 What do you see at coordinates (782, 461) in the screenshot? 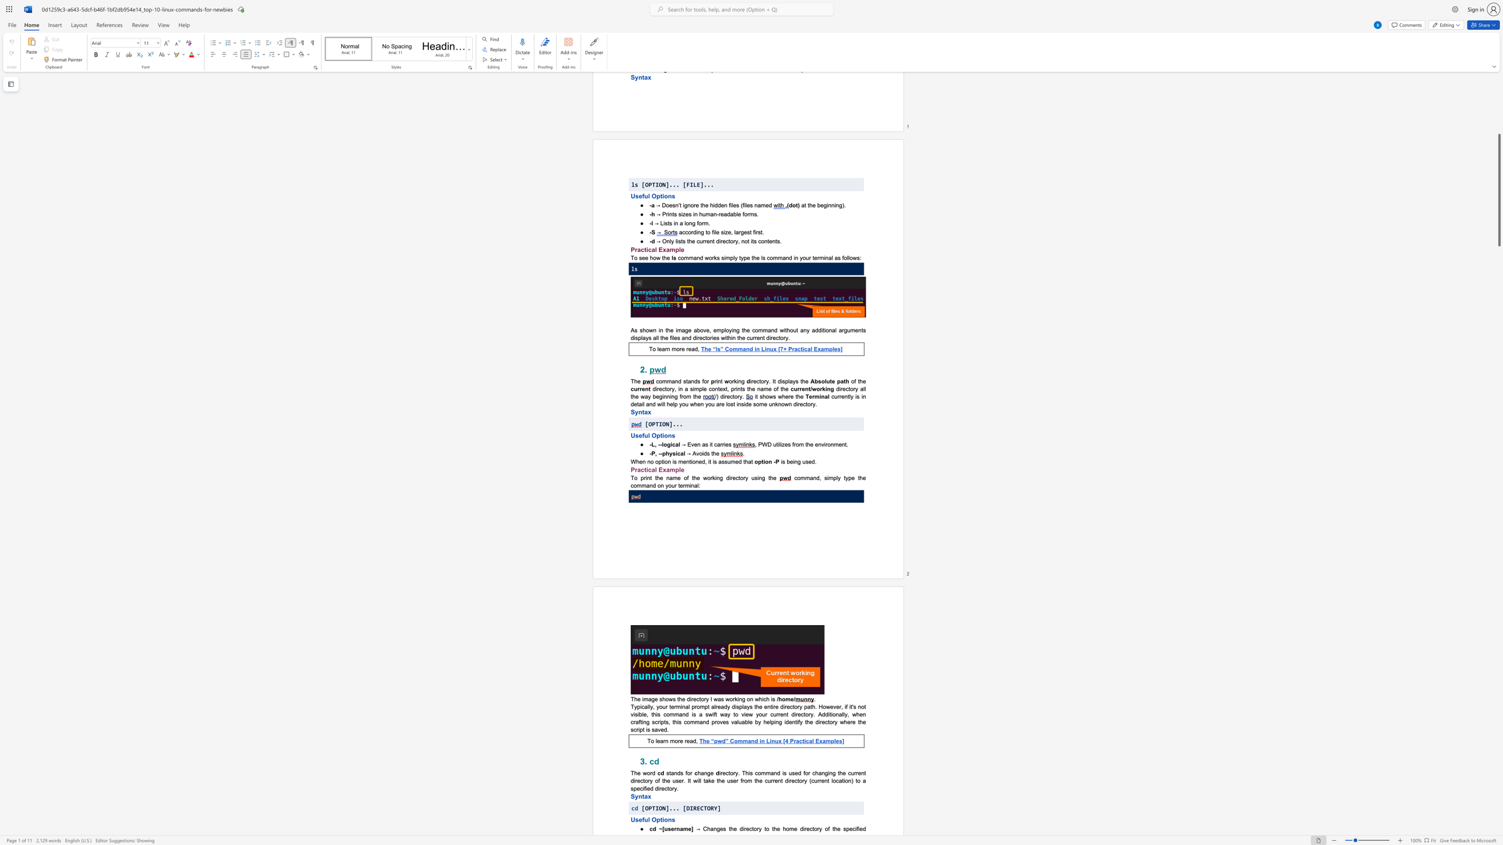
I see `the subset text "s bein" within the text "is being used."` at bounding box center [782, 461].